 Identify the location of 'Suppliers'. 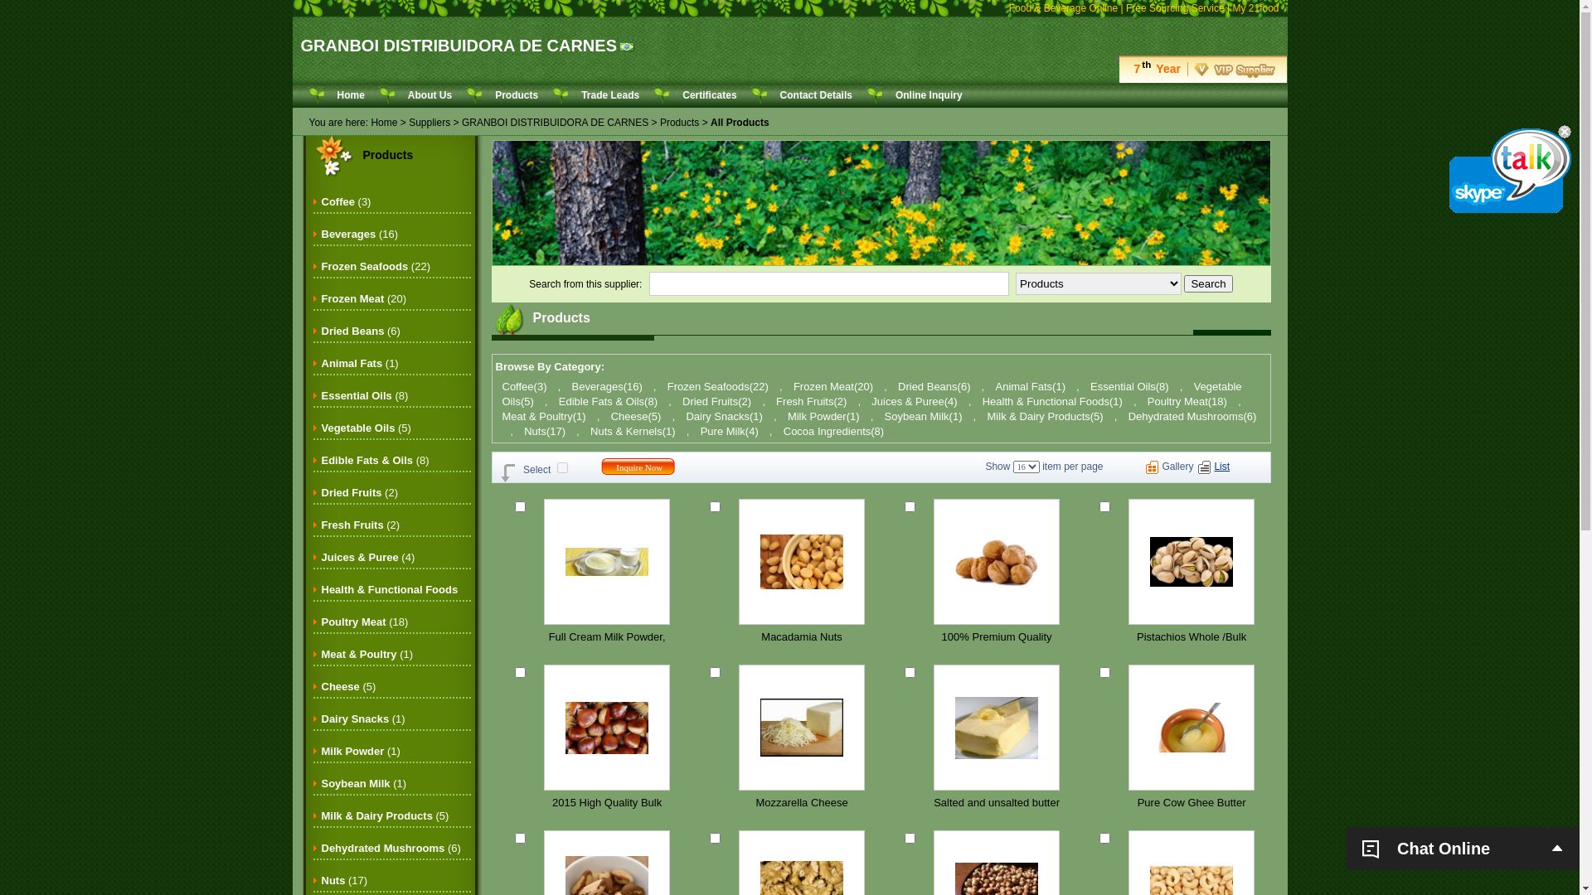
(430, 121).